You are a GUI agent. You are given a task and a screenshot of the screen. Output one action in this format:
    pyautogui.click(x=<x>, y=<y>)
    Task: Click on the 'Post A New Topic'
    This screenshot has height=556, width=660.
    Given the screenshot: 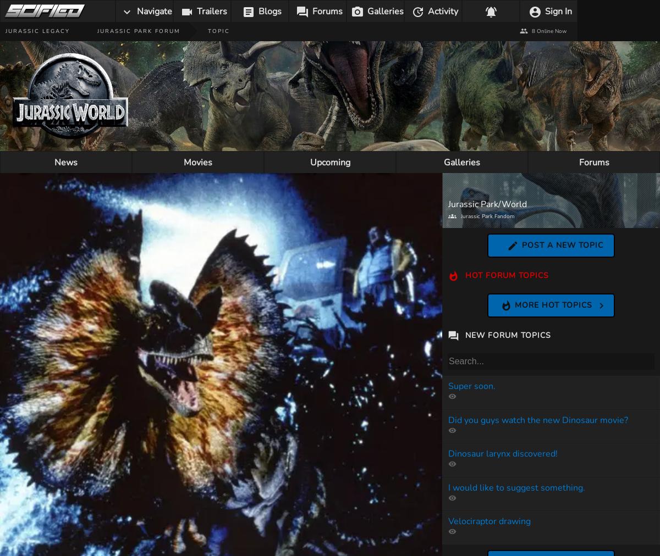 What is the action you would take?
    pyautogui.click(x=521, y=245)
    